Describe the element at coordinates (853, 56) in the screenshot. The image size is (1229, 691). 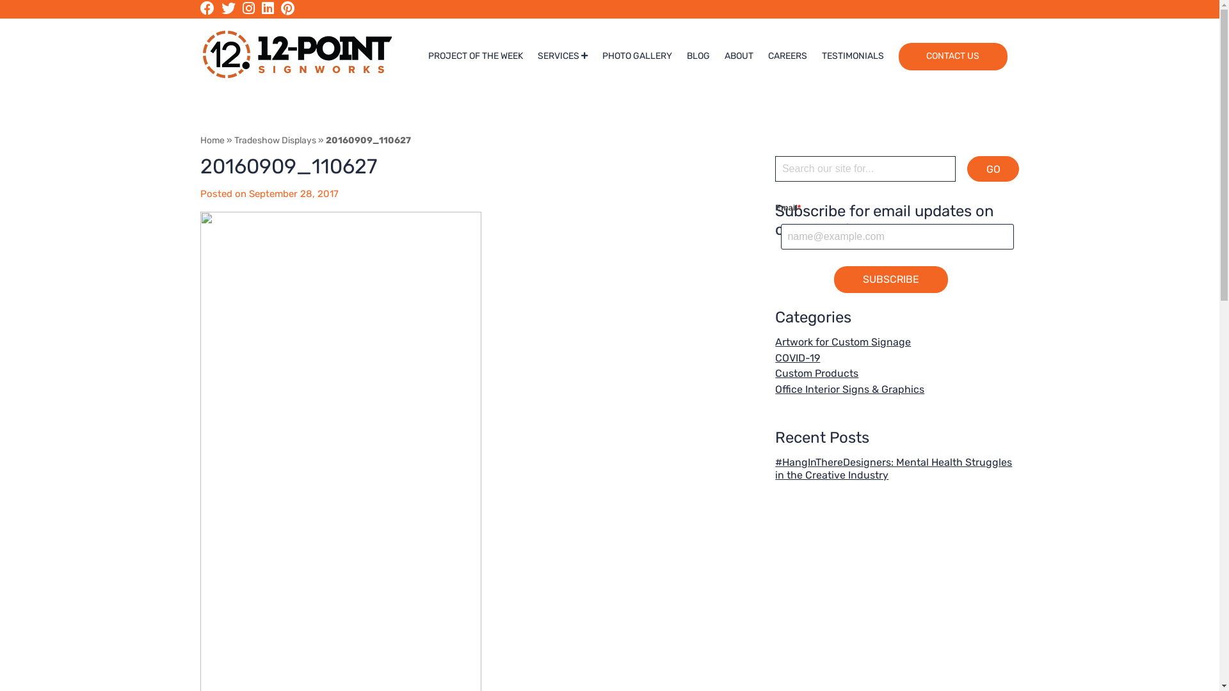
I see `'TESTIMONIALS'` at that location.